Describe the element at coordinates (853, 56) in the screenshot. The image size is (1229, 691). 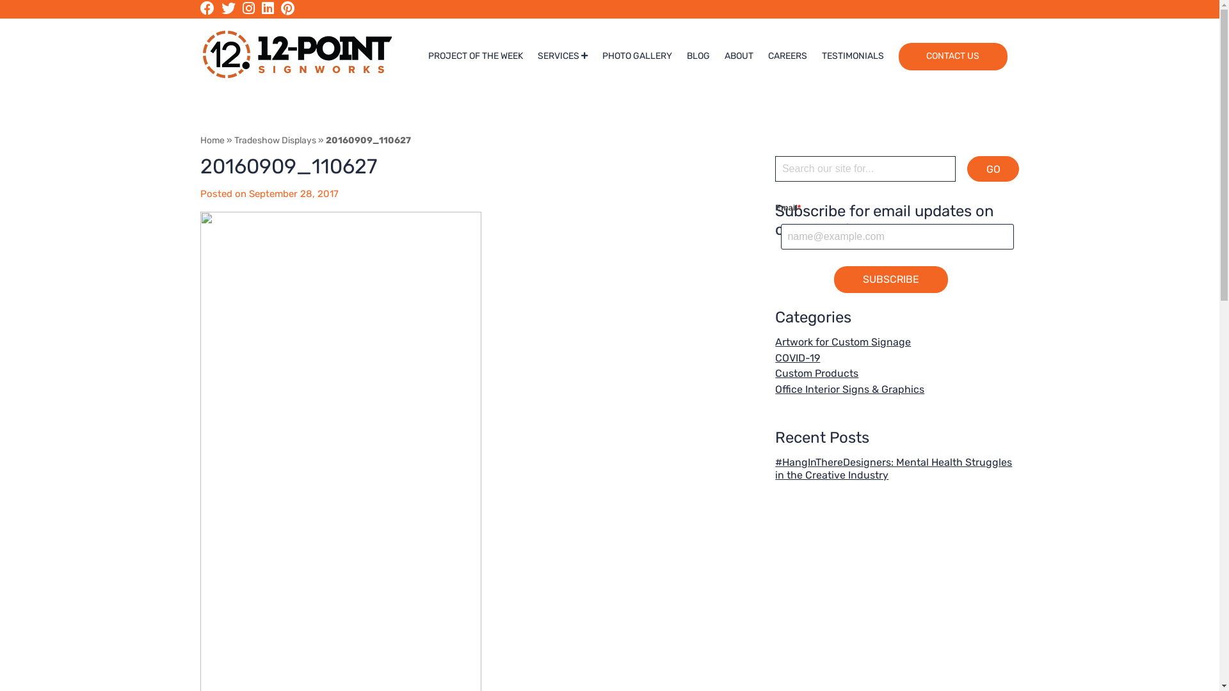
I see `'TESTIMONIALS'` at that location.